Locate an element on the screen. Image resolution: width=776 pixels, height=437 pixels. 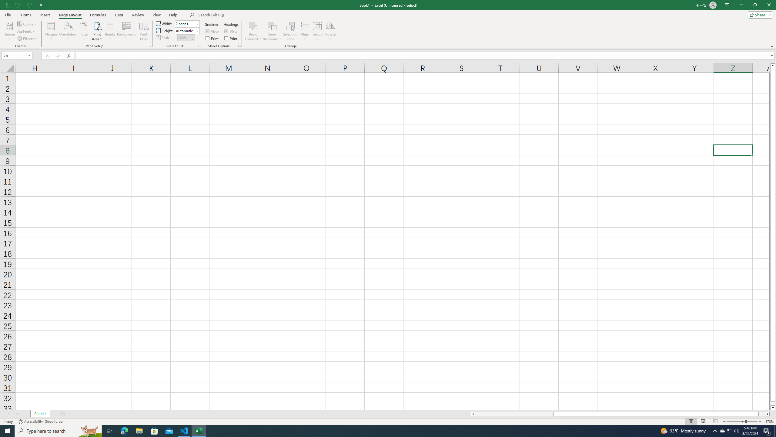
'Height' is located at coordinates (186, 30).